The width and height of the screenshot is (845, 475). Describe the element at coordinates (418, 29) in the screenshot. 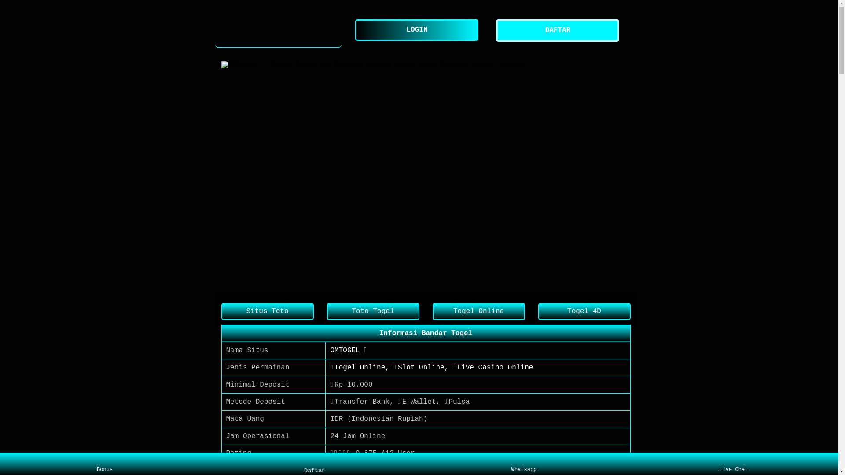

I see `'LOGIN'` at that location.